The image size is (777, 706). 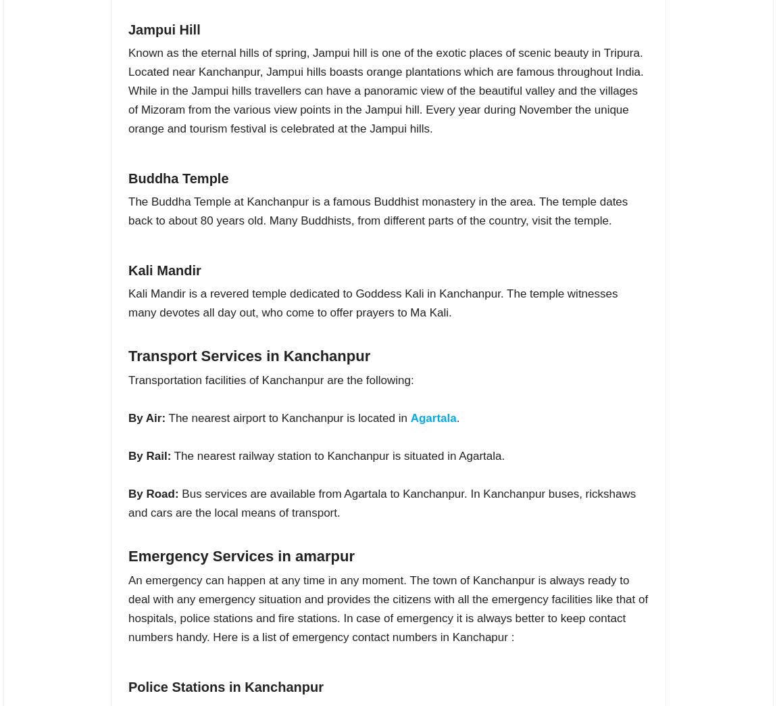 I want to click on 'Transport Services in Kanchanpur', so click(x=249, y=354).